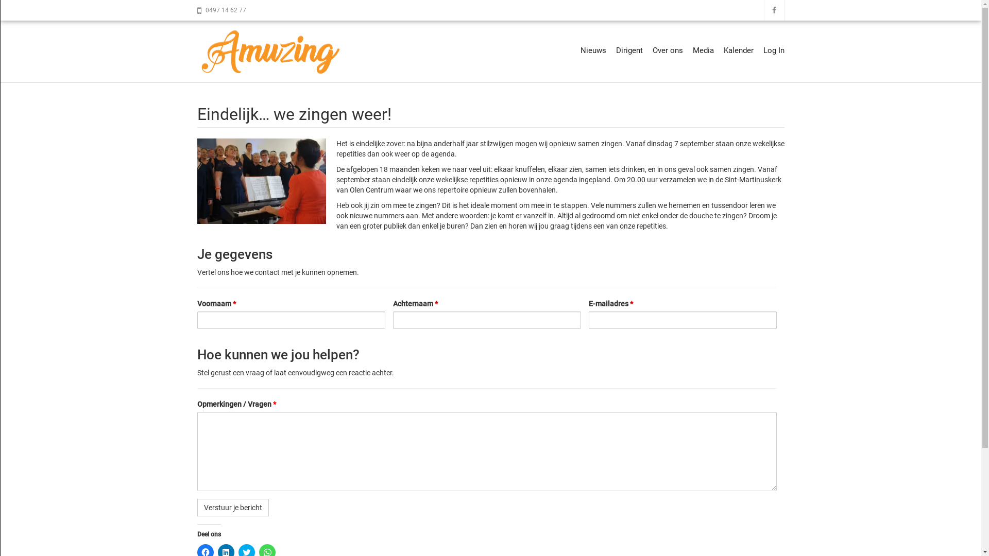  What do you see at coordinates (232, 507) in the screenshot?
I see `'Verstuur je bericht'` at bounding box center [232, 507].